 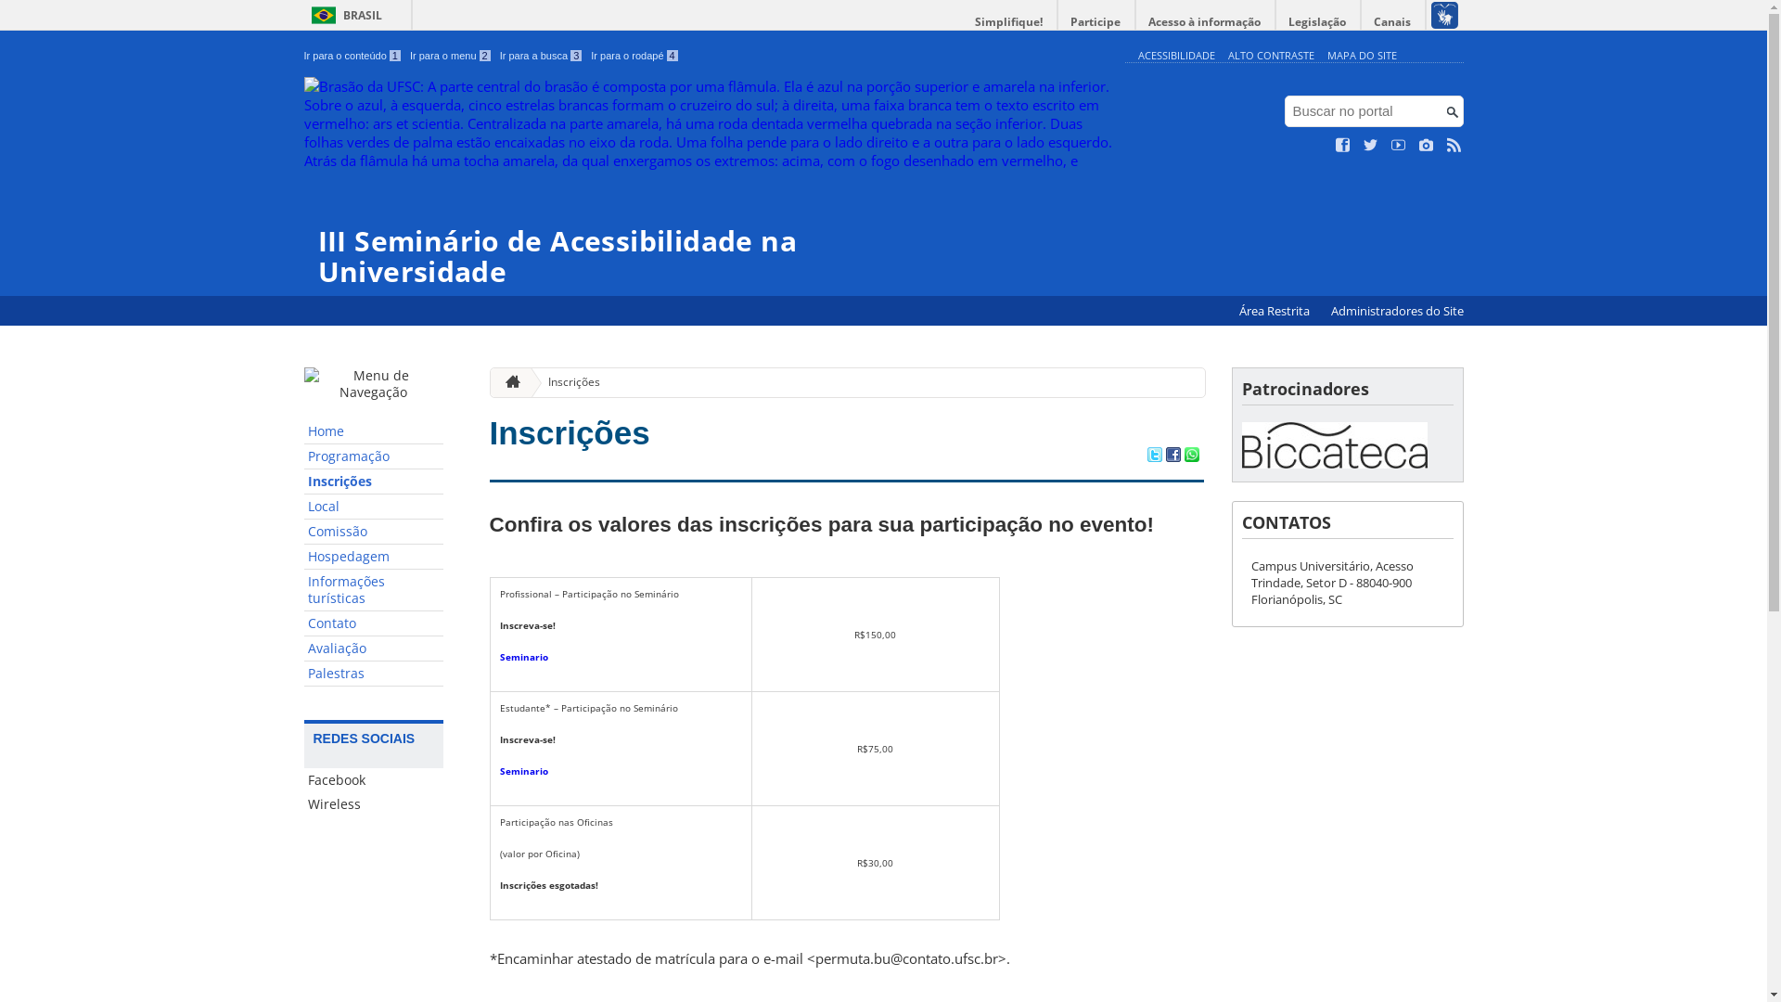 I want to click on 'Ir para o menu 2', so click(x=450, y=55).